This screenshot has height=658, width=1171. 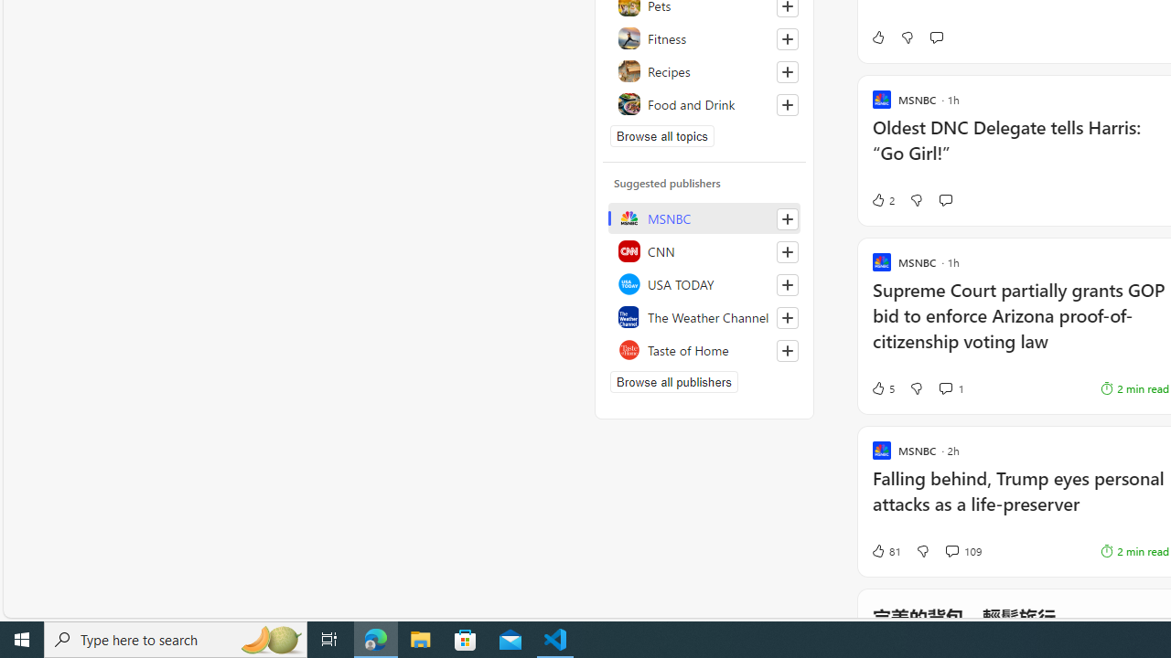 What do you see at coordinates (876, 37) in the screenshot?
I see `'Like'` at bounding box center [876, 37].